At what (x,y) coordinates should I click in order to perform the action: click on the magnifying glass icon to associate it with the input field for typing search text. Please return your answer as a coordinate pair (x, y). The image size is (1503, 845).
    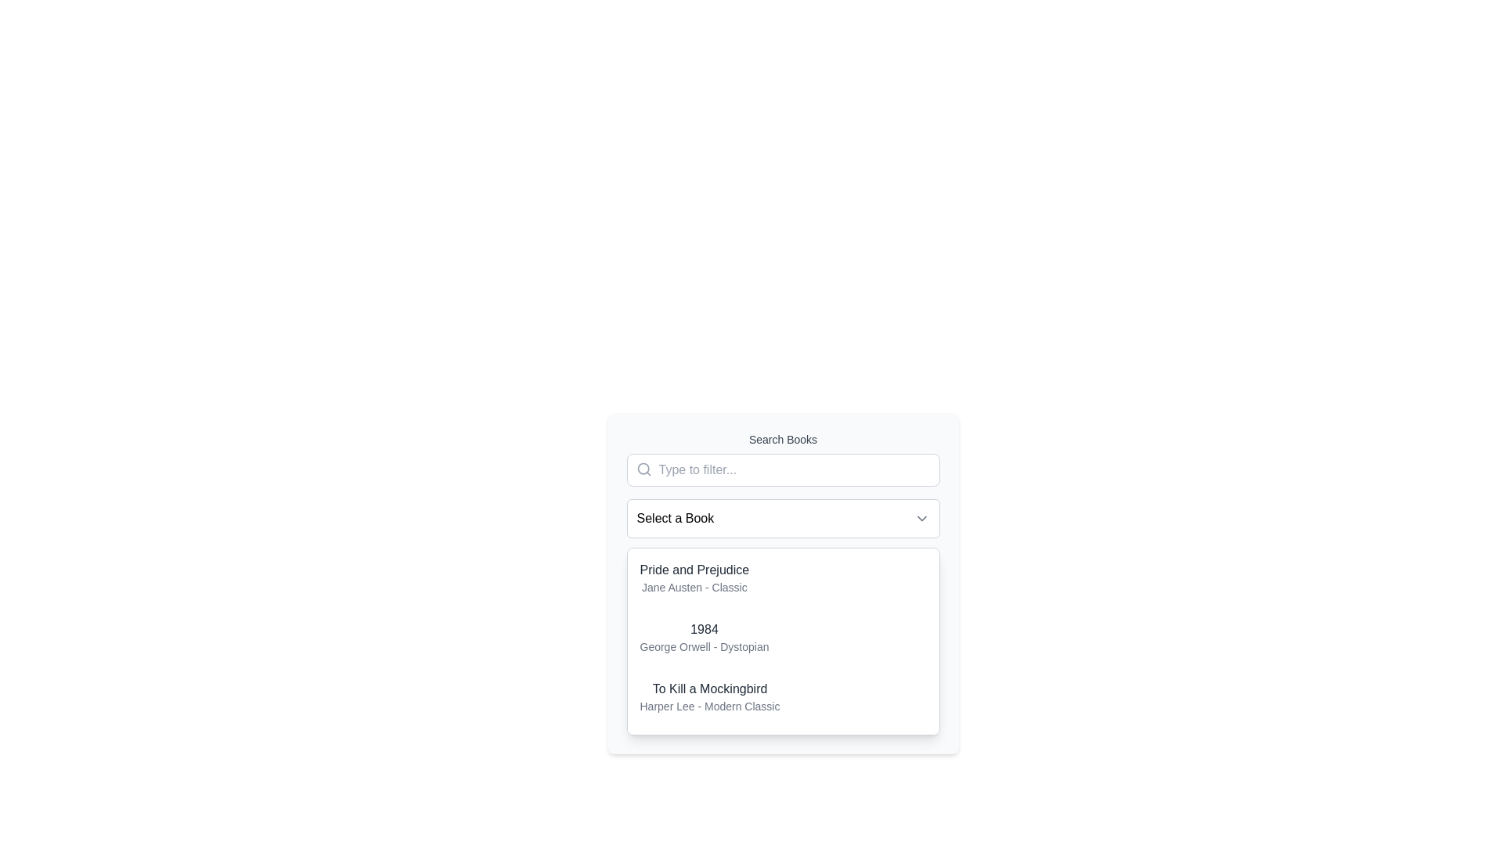
    Looking at the image, I should click on (643, 469).